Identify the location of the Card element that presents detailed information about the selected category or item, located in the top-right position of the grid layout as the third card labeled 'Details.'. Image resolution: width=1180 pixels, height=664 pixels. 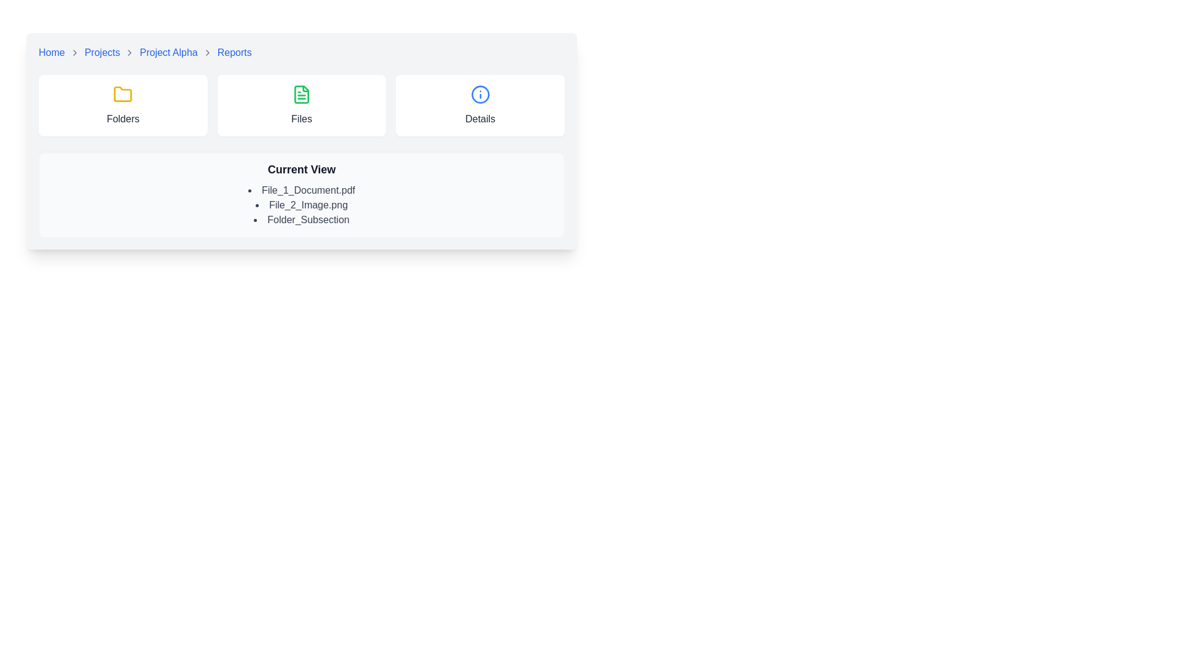
(479, 105).